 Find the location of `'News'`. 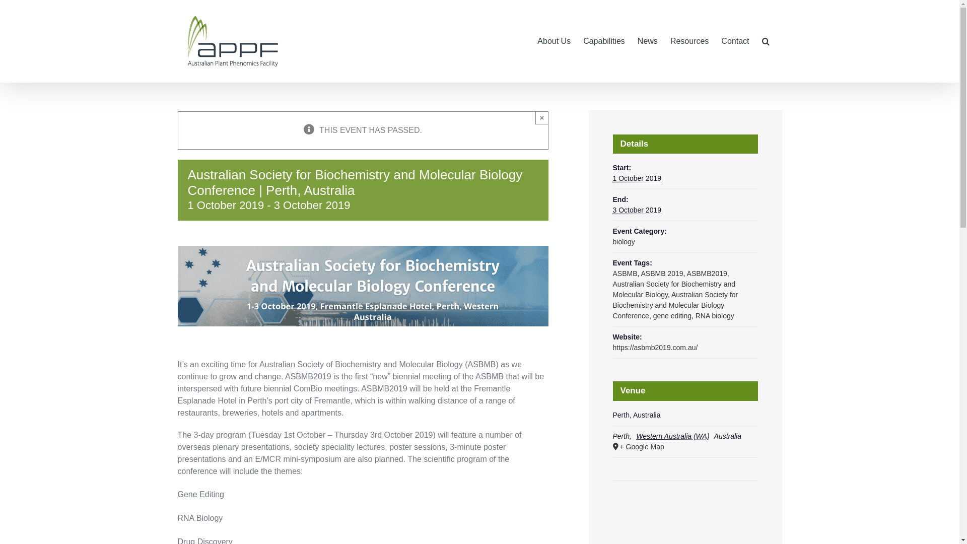

'News' is located at coordinates (648, 40).